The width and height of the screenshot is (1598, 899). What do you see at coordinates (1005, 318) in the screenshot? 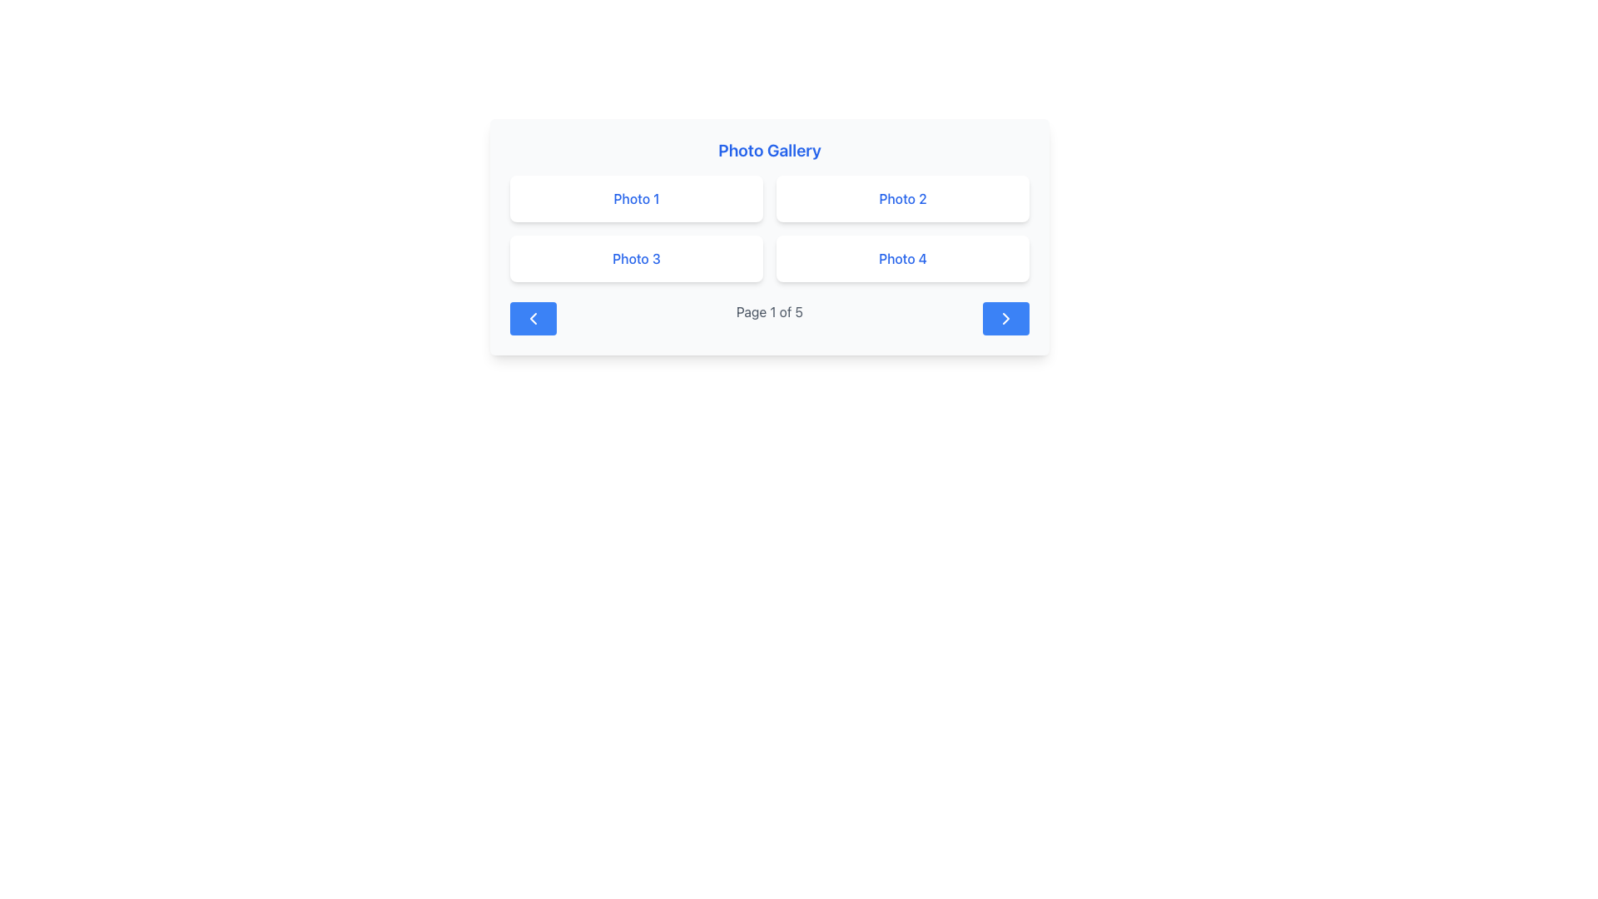
I see `the right arrow icon located within the blue rounded rectangle button at the bottom right of the Photo Gallery interface` at bounding box center [1005, 318].